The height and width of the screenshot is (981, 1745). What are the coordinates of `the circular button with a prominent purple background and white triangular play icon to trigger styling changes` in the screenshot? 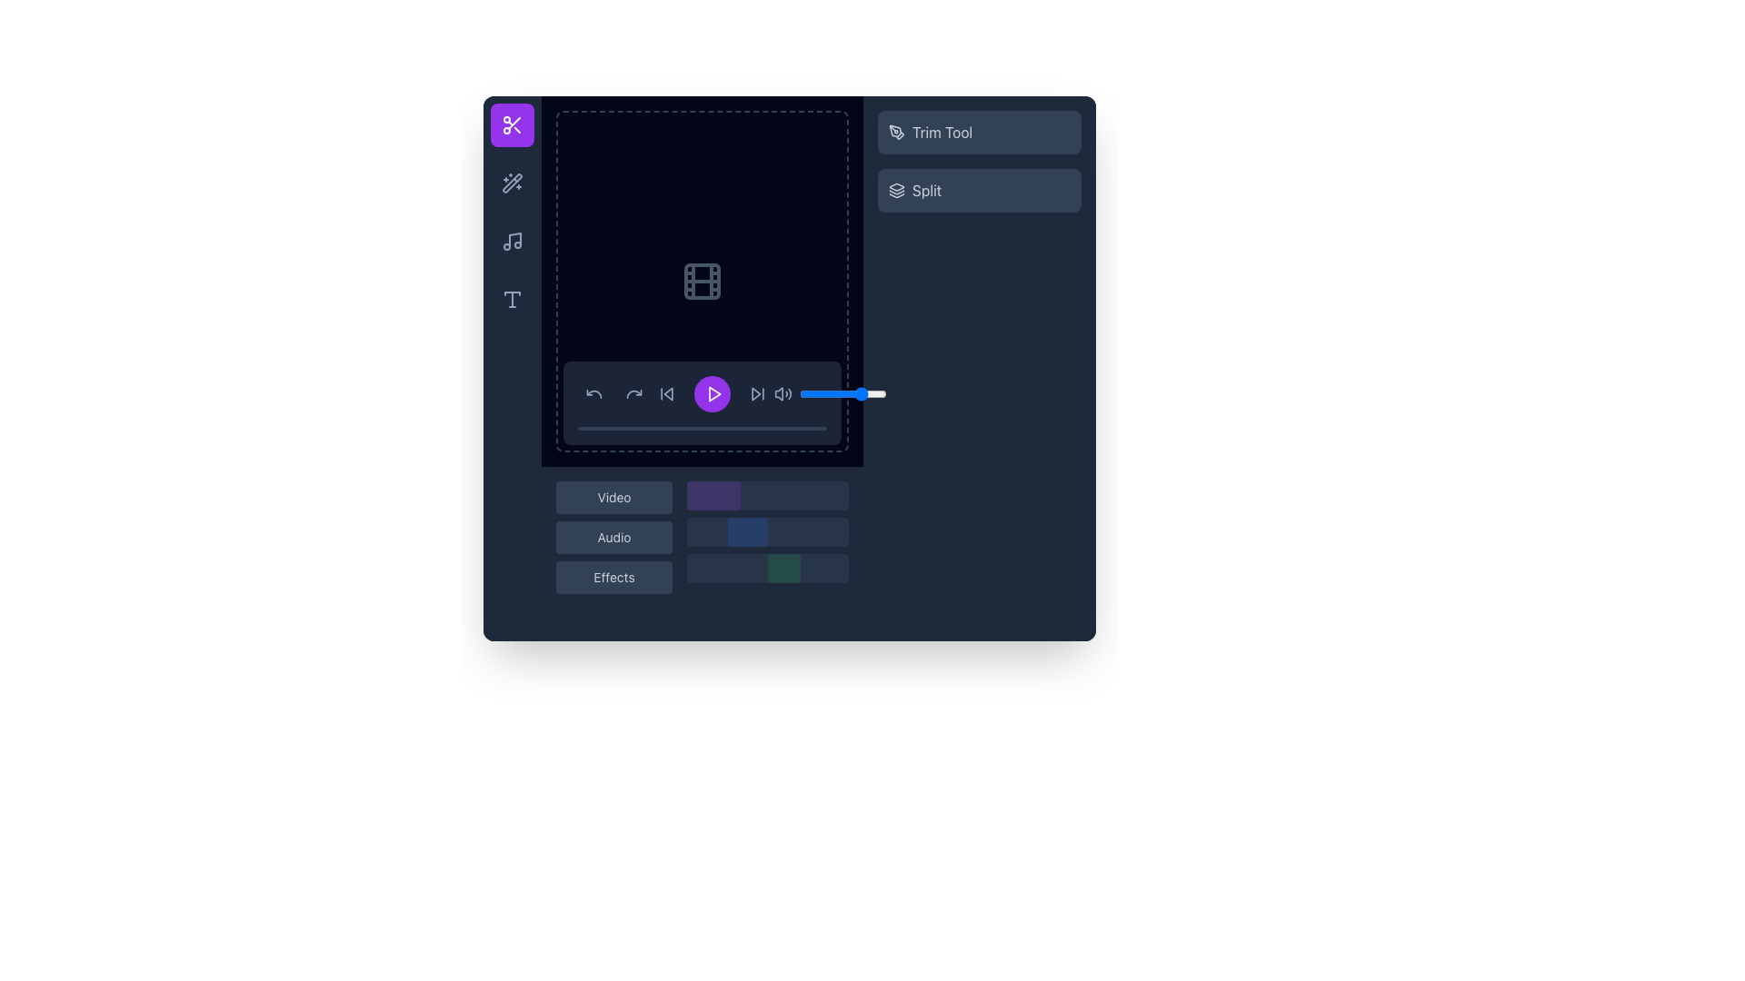 It's located at (711, 393).